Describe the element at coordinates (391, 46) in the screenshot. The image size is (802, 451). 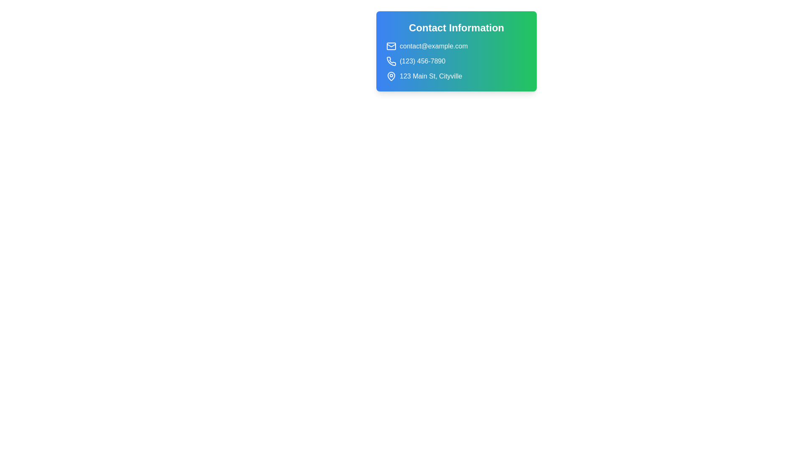
I see `the email icon located to the left of 'contact@example.com'` at that location.